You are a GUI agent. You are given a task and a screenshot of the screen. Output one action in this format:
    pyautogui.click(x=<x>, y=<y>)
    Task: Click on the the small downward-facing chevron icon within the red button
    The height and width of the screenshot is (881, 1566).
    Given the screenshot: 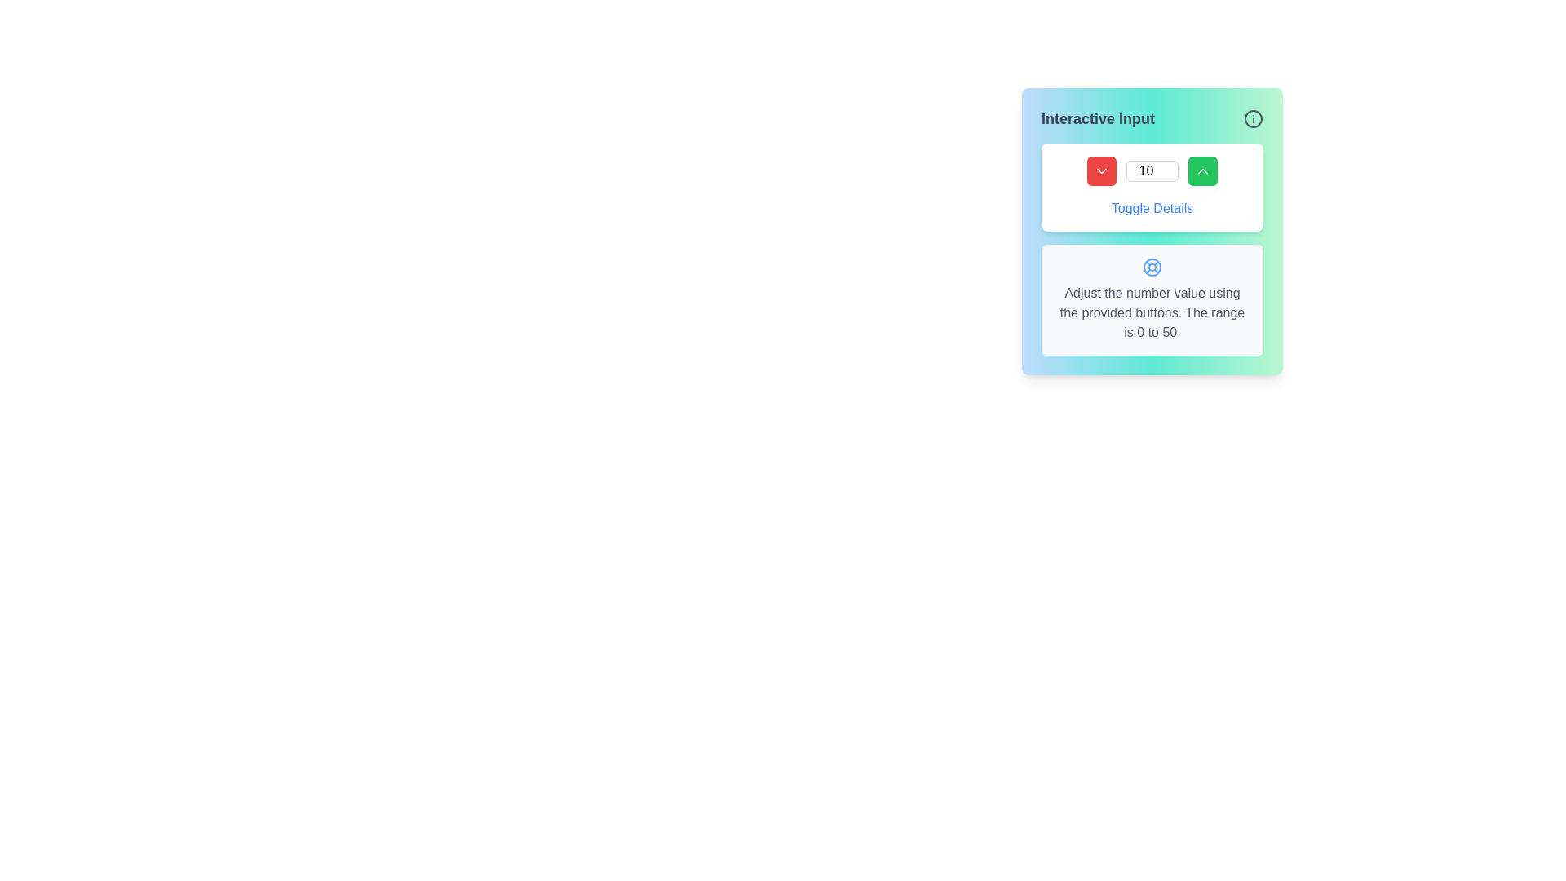 What is the action you would take?
    pyautogui.click(x=1101, y=170)
    